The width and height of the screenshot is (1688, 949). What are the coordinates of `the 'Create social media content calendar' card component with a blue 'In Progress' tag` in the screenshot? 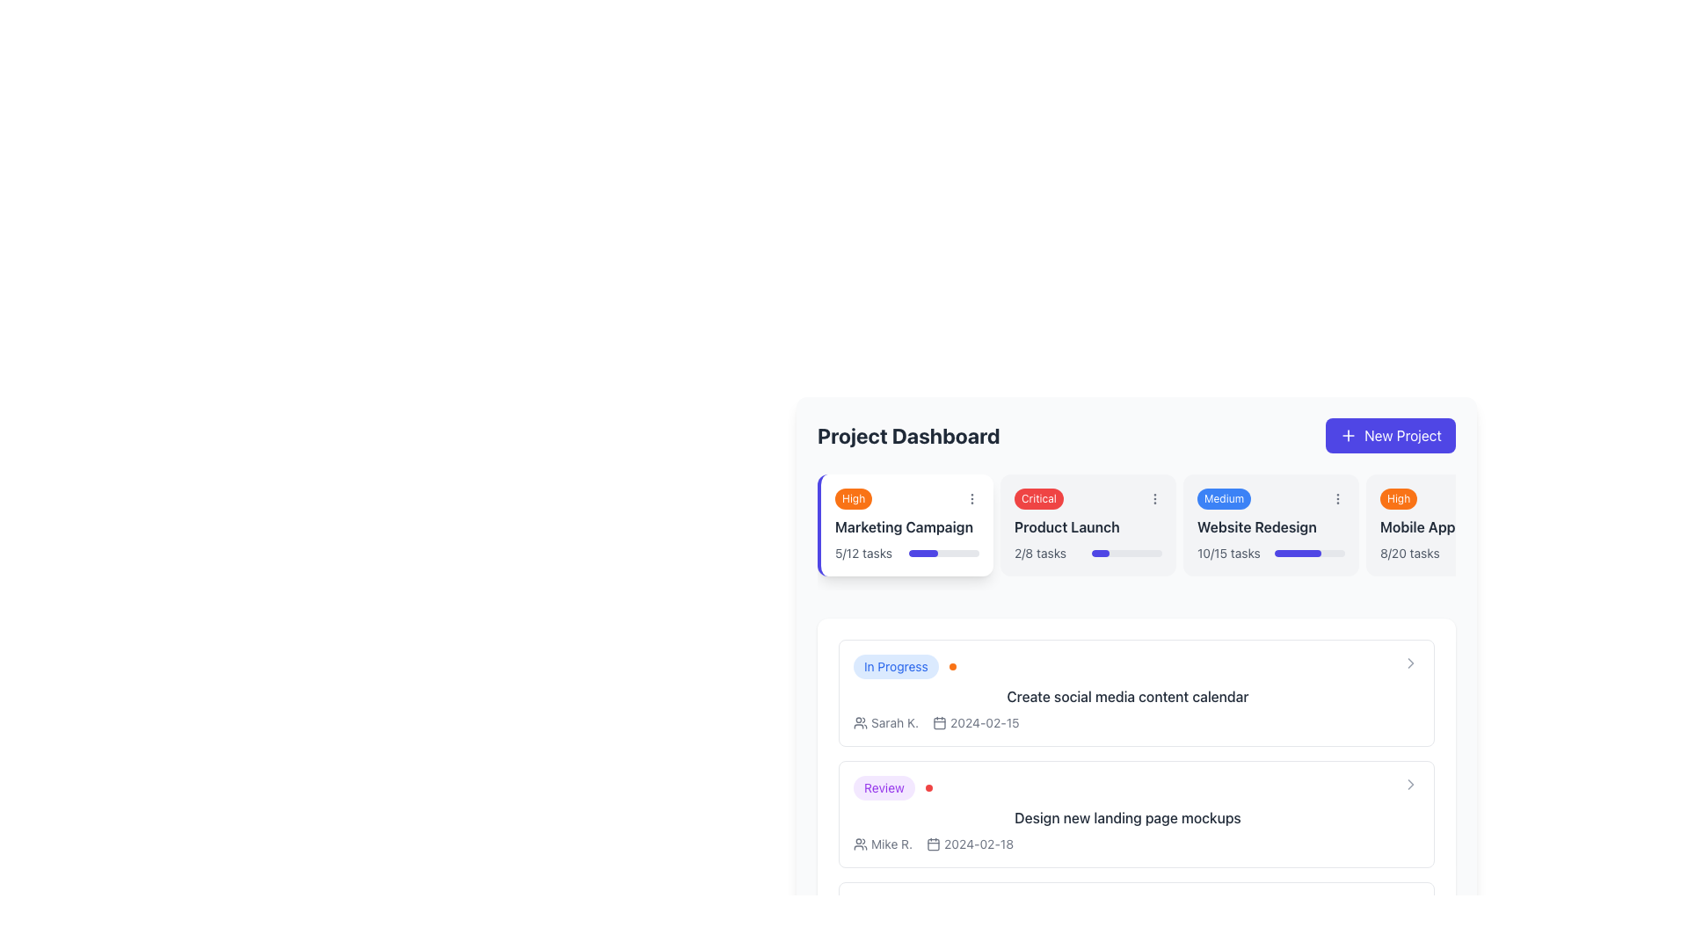 It's located at (1136, 692).